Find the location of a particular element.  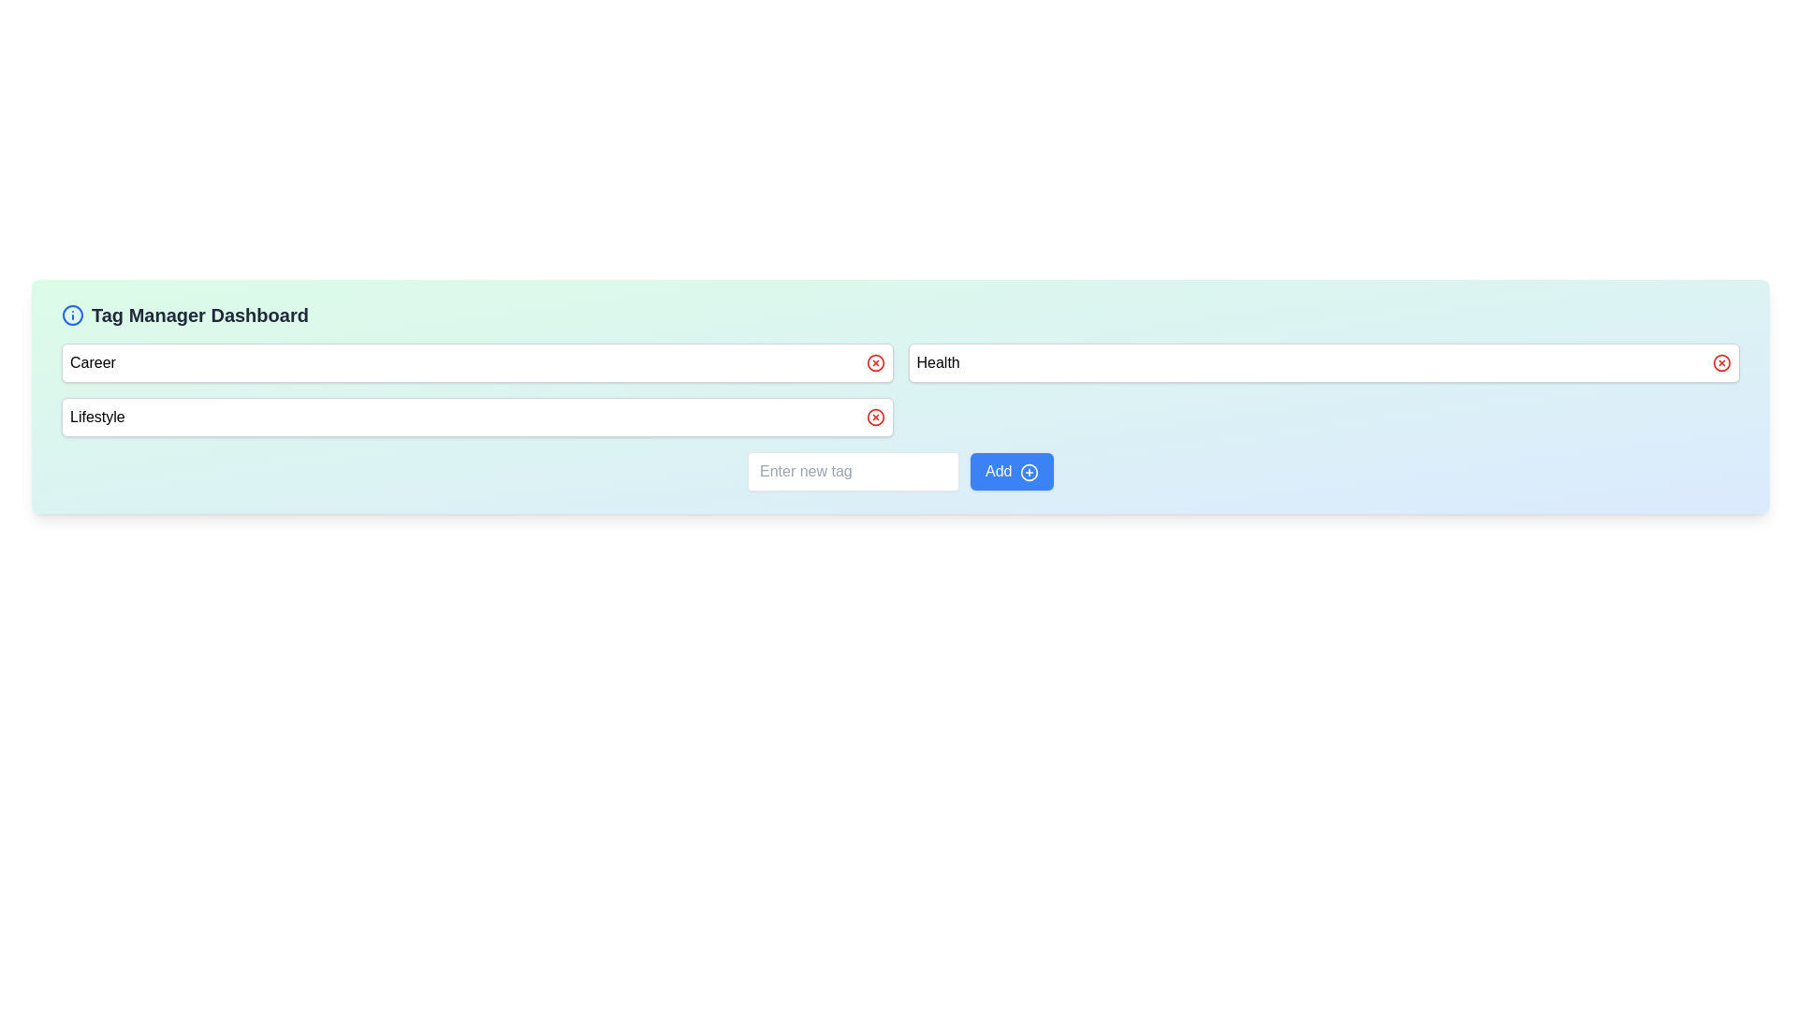

the information icon located on the leftmost side of the header bar, adjacent to the 'Tag Manager Dashboard' text is located at coordinates (72, 314).